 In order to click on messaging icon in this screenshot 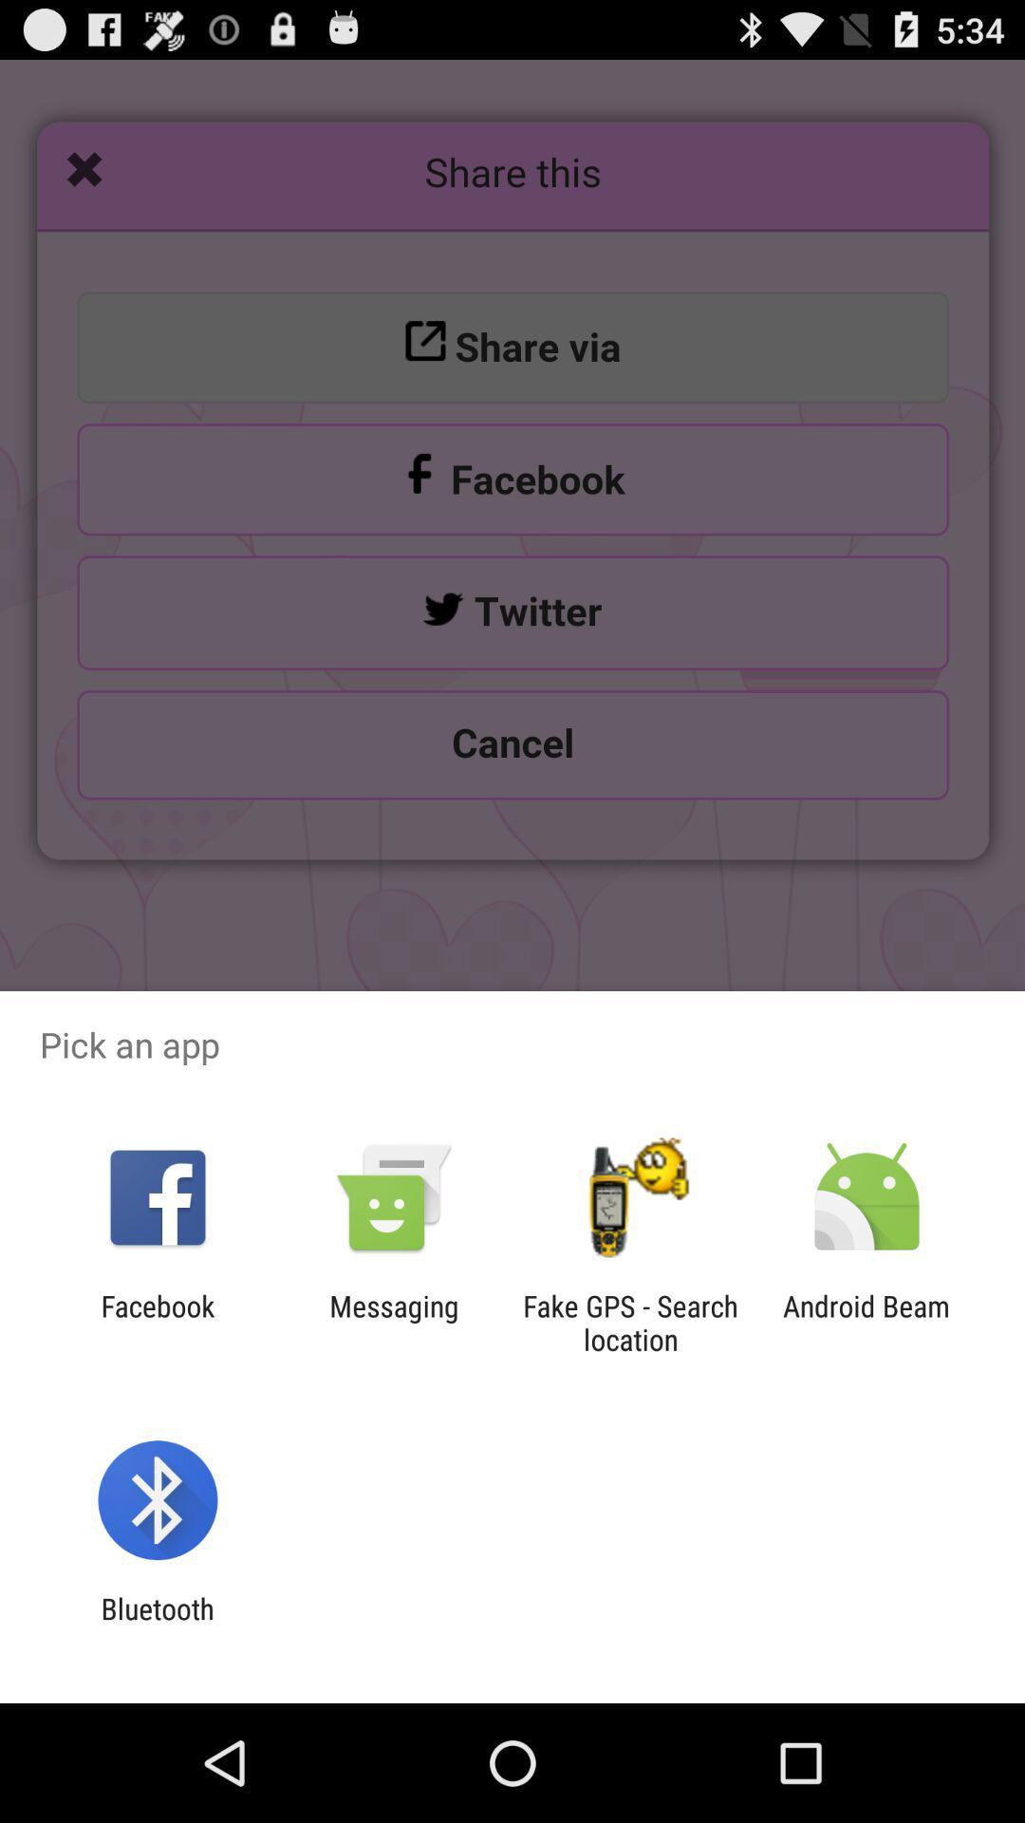, I will do `click(393, 1322)`.